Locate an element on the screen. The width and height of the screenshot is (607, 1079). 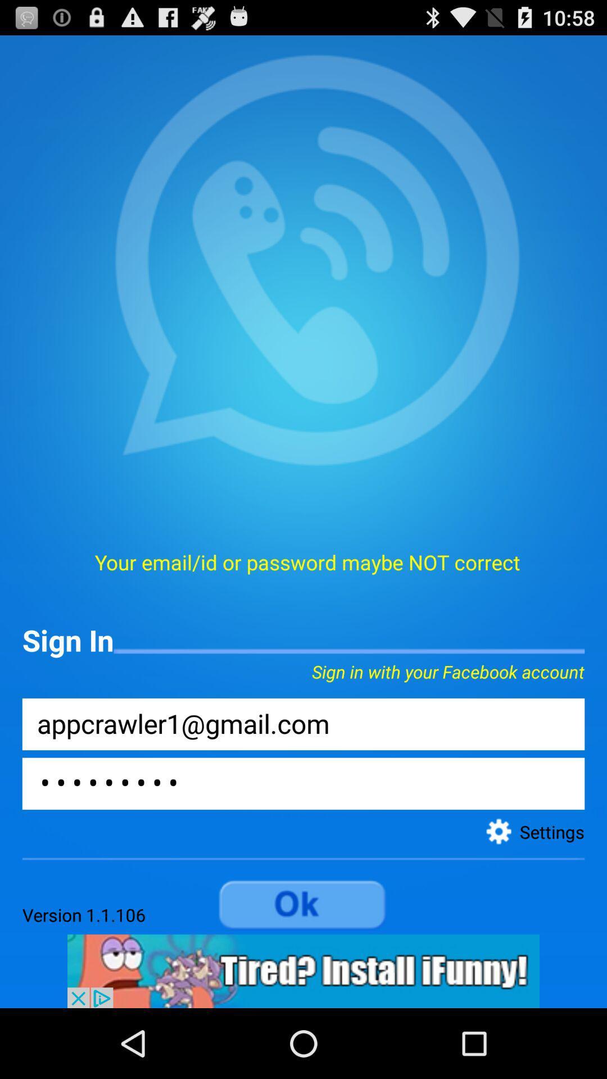
email address space is located at coordinates (303, 724).